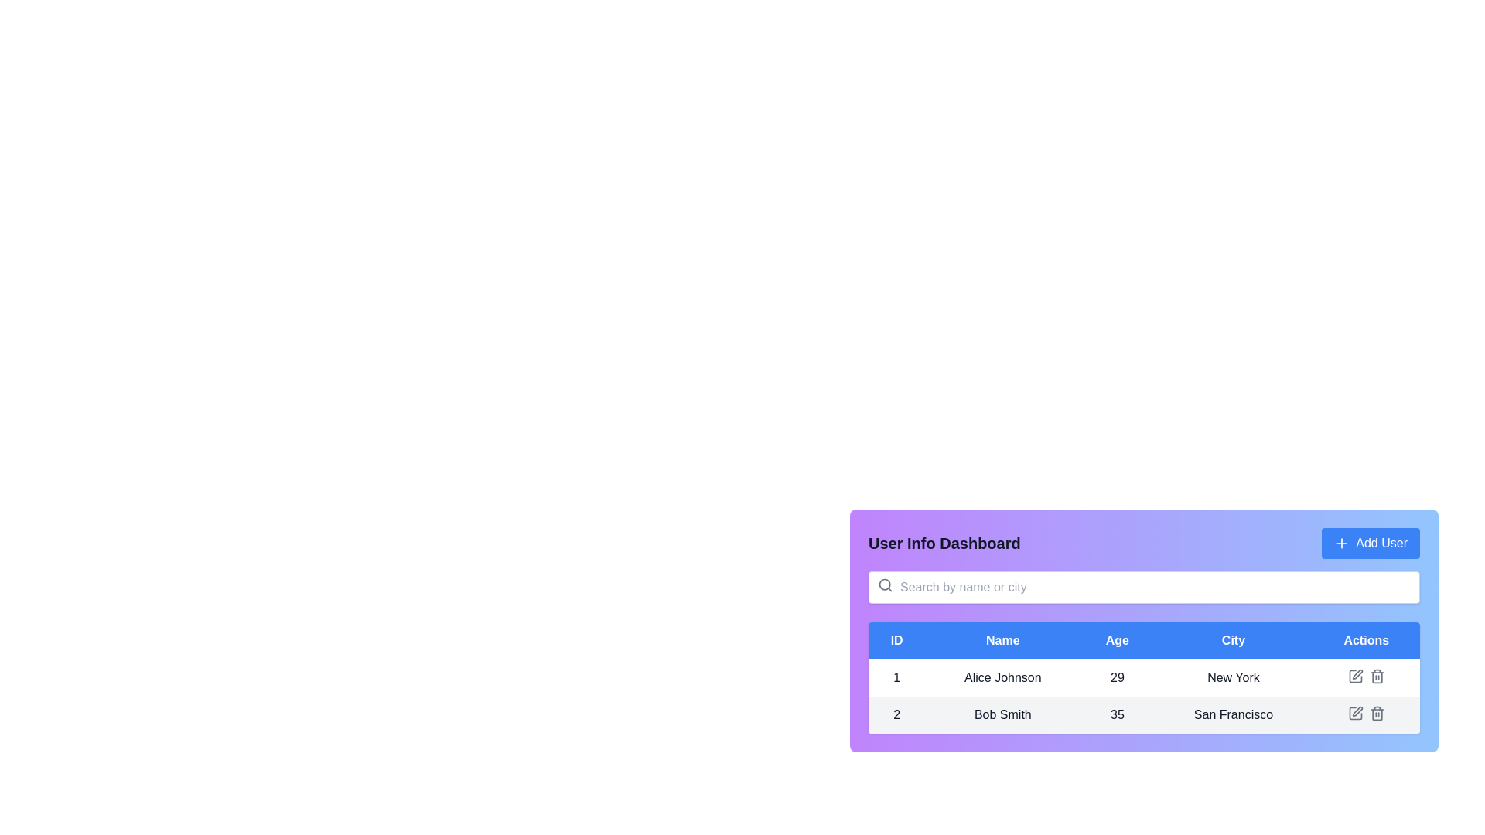  Describe the element at coordinates (1354, 713) in the screenshot. I see `the 'Edit' icon button in the 'Actions' column of the second row for 'Bob Smith' to initiate editing the row contents` at that location.